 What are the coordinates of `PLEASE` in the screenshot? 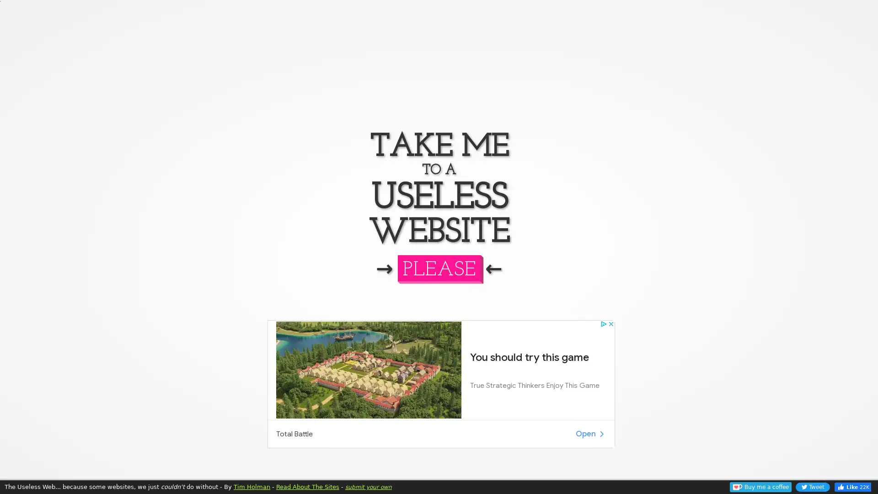 It's located at (438, 268).